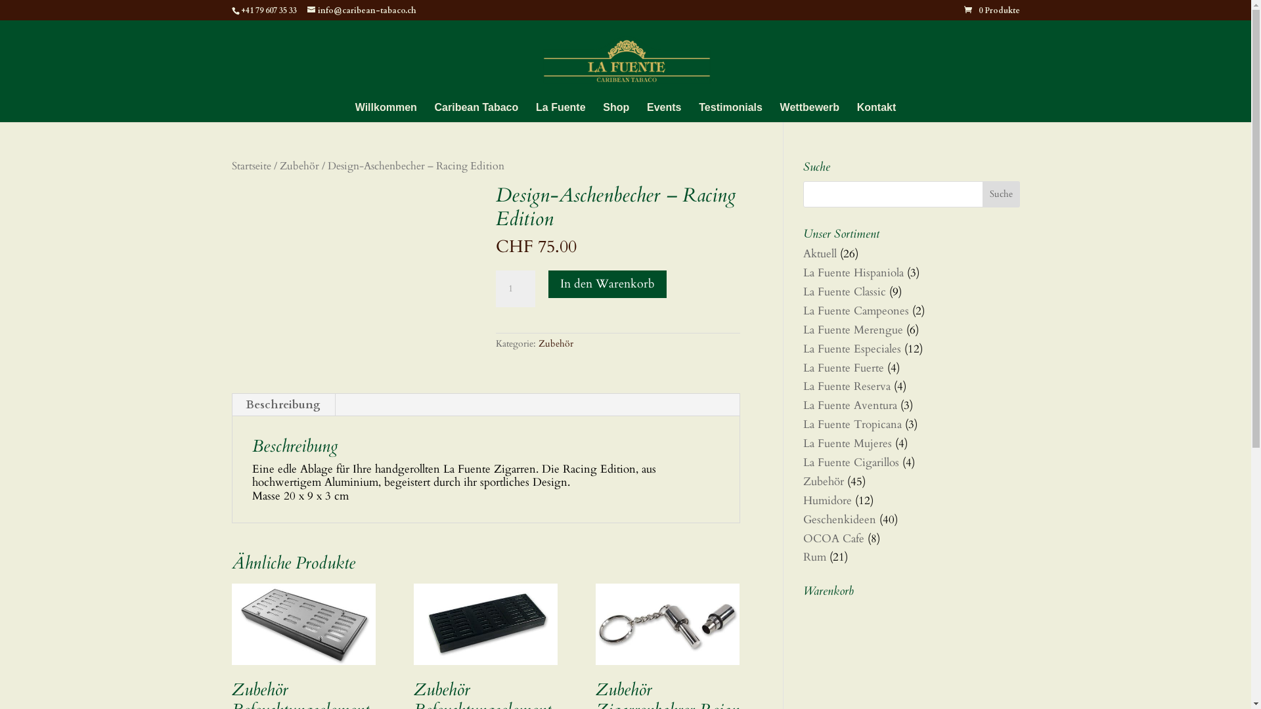  I want to click on 'Shop', so click(602, 112).